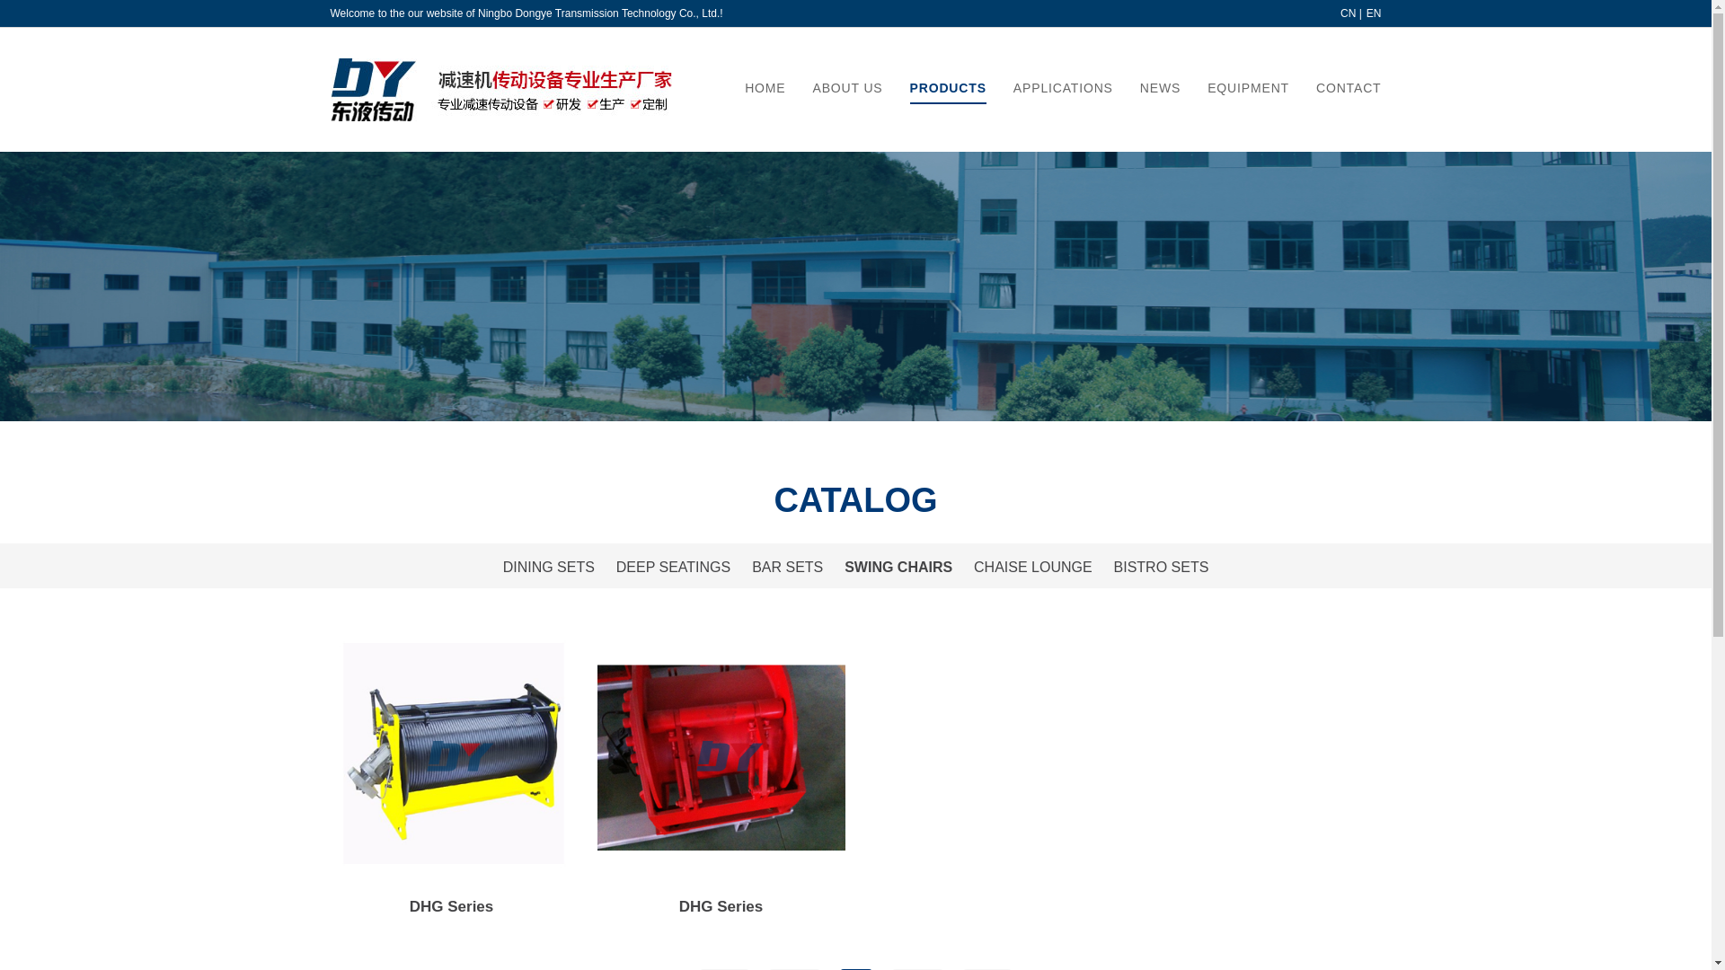 The image size is (1725, 970). Describe the element at coordinates (1033, 567) in the screenshot. I see `'CHAISE LOUNGE'` at that location.